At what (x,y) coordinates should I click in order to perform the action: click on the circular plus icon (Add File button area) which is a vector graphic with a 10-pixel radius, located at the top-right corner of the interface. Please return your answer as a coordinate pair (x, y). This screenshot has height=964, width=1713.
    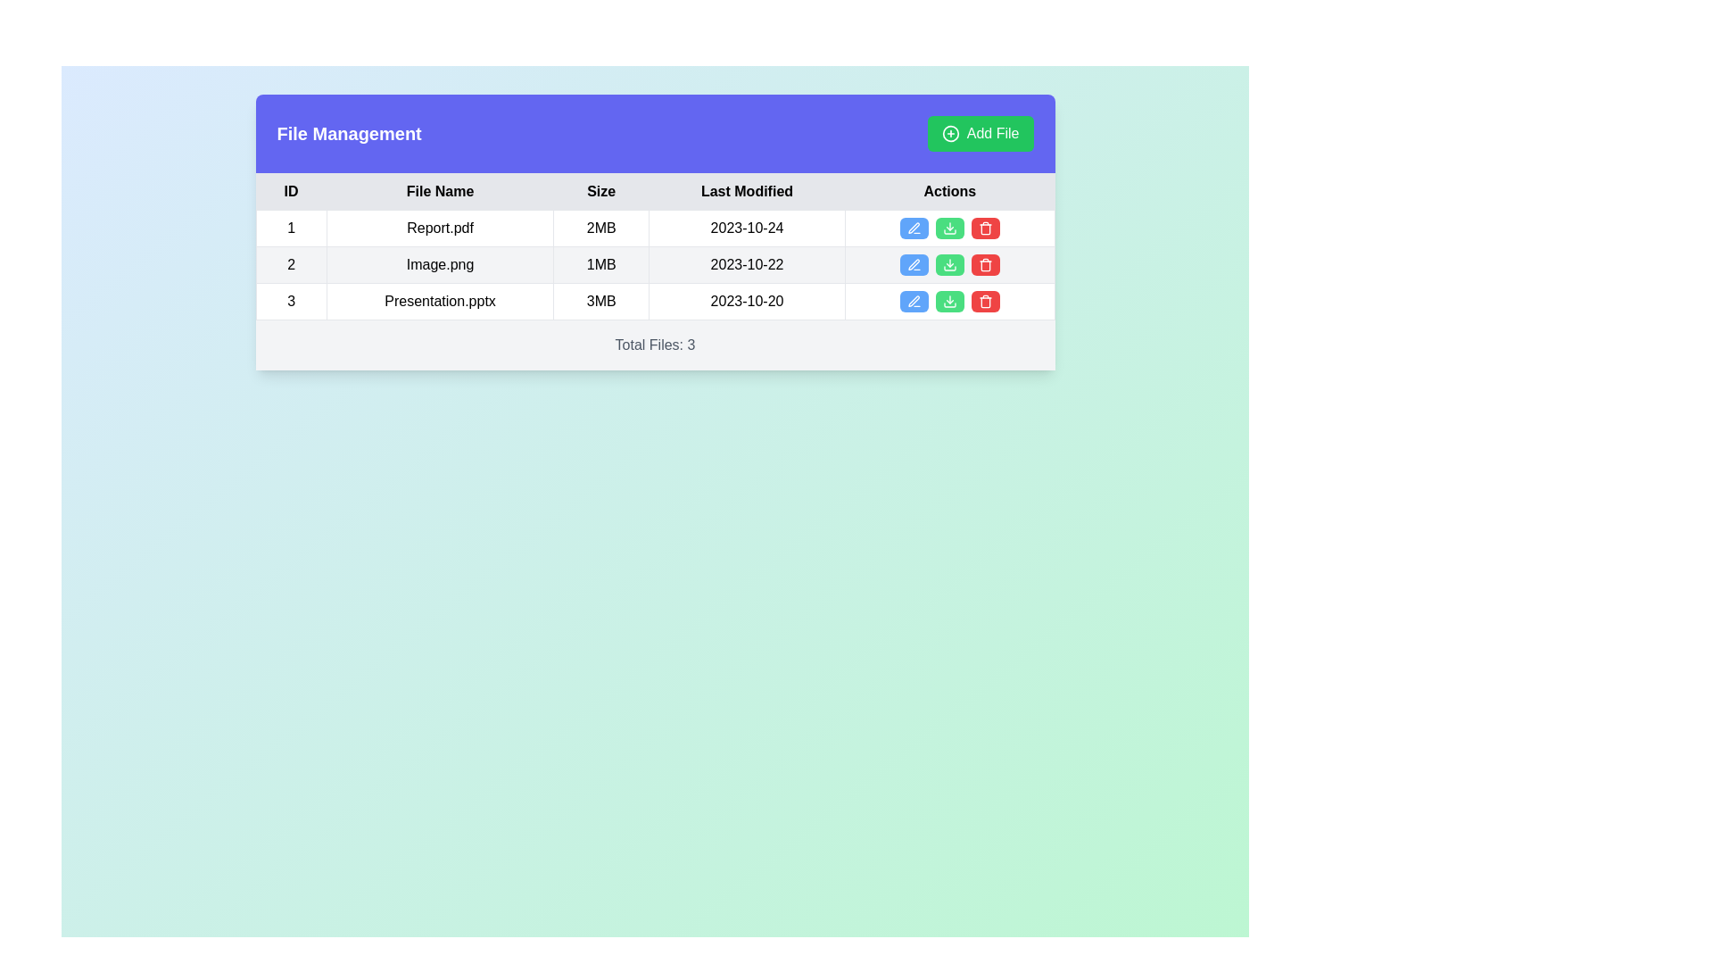
    Looking at the image, I should click on (949, 133).